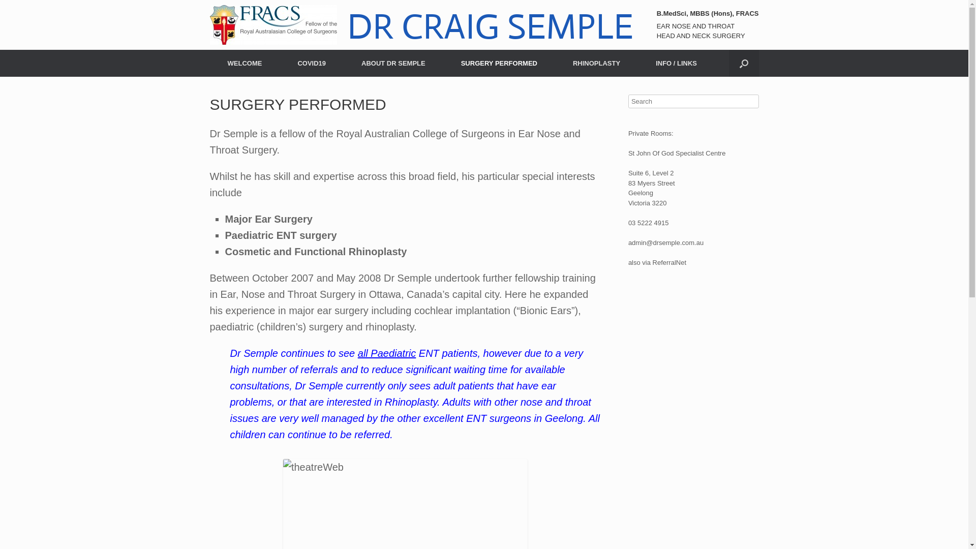 The width and height of the screenshot is (976, 549). I want to click on 'WELCOME', so click(244, 63).